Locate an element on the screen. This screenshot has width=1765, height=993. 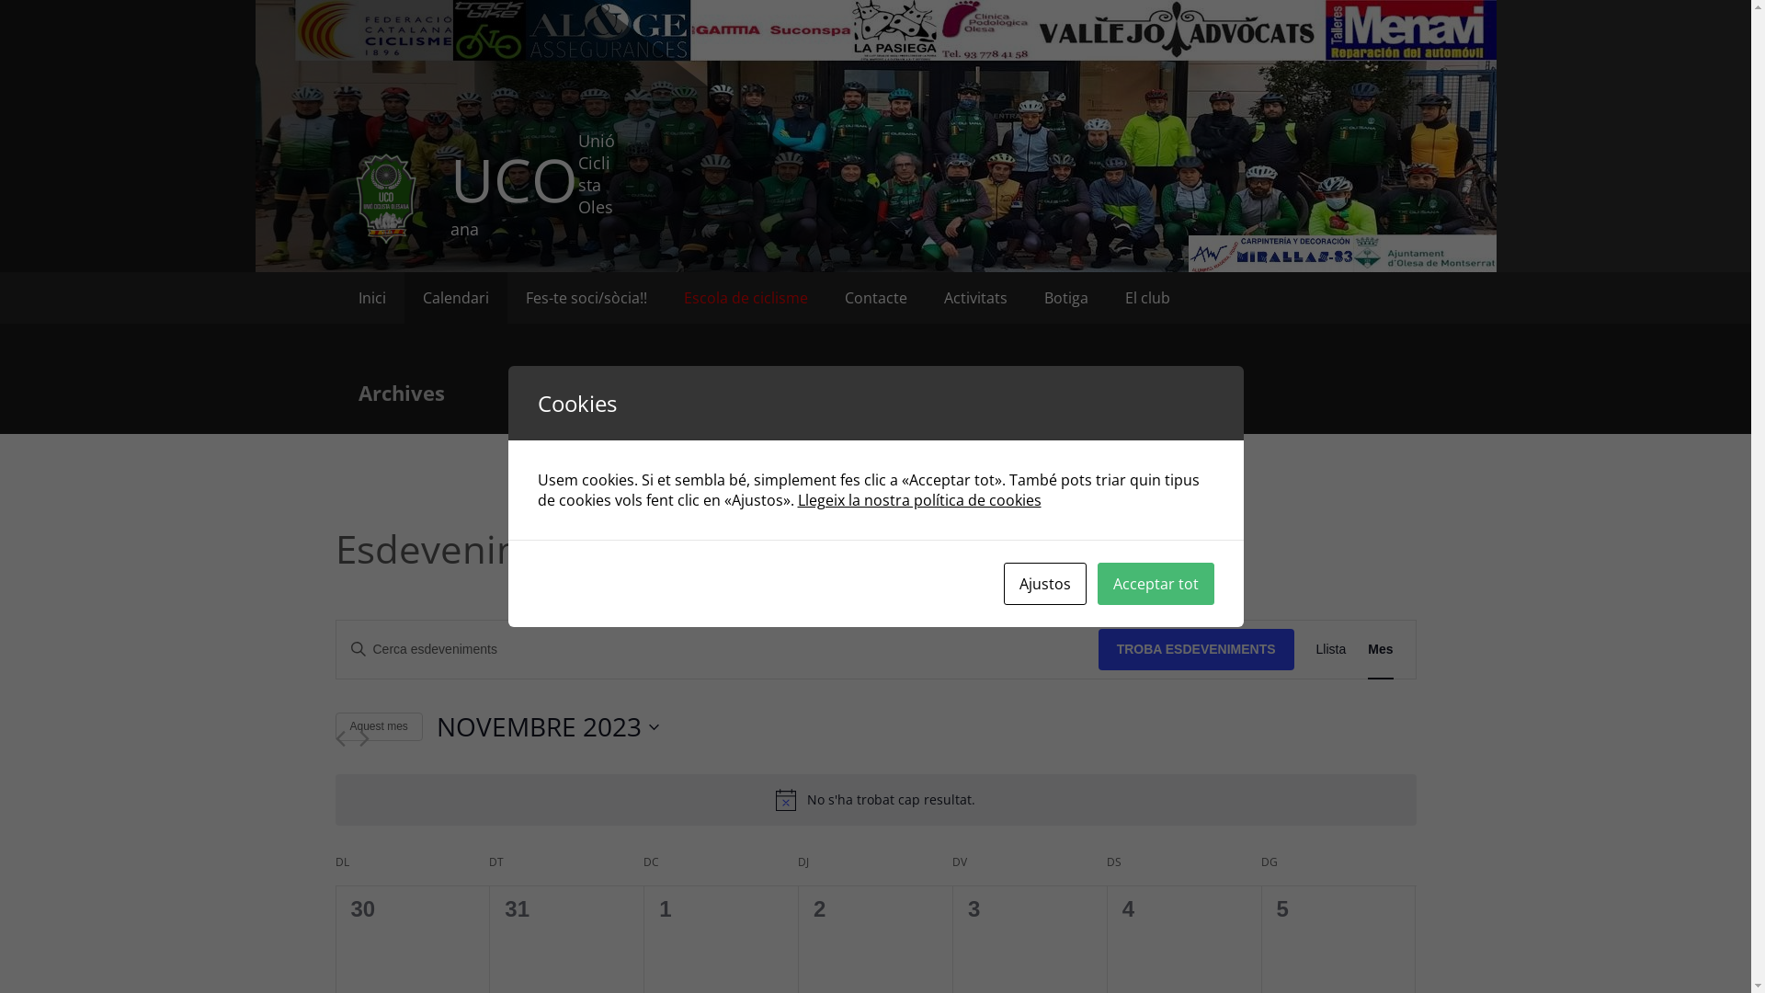
'Aquest mes' is located at coordinates (377, 725).